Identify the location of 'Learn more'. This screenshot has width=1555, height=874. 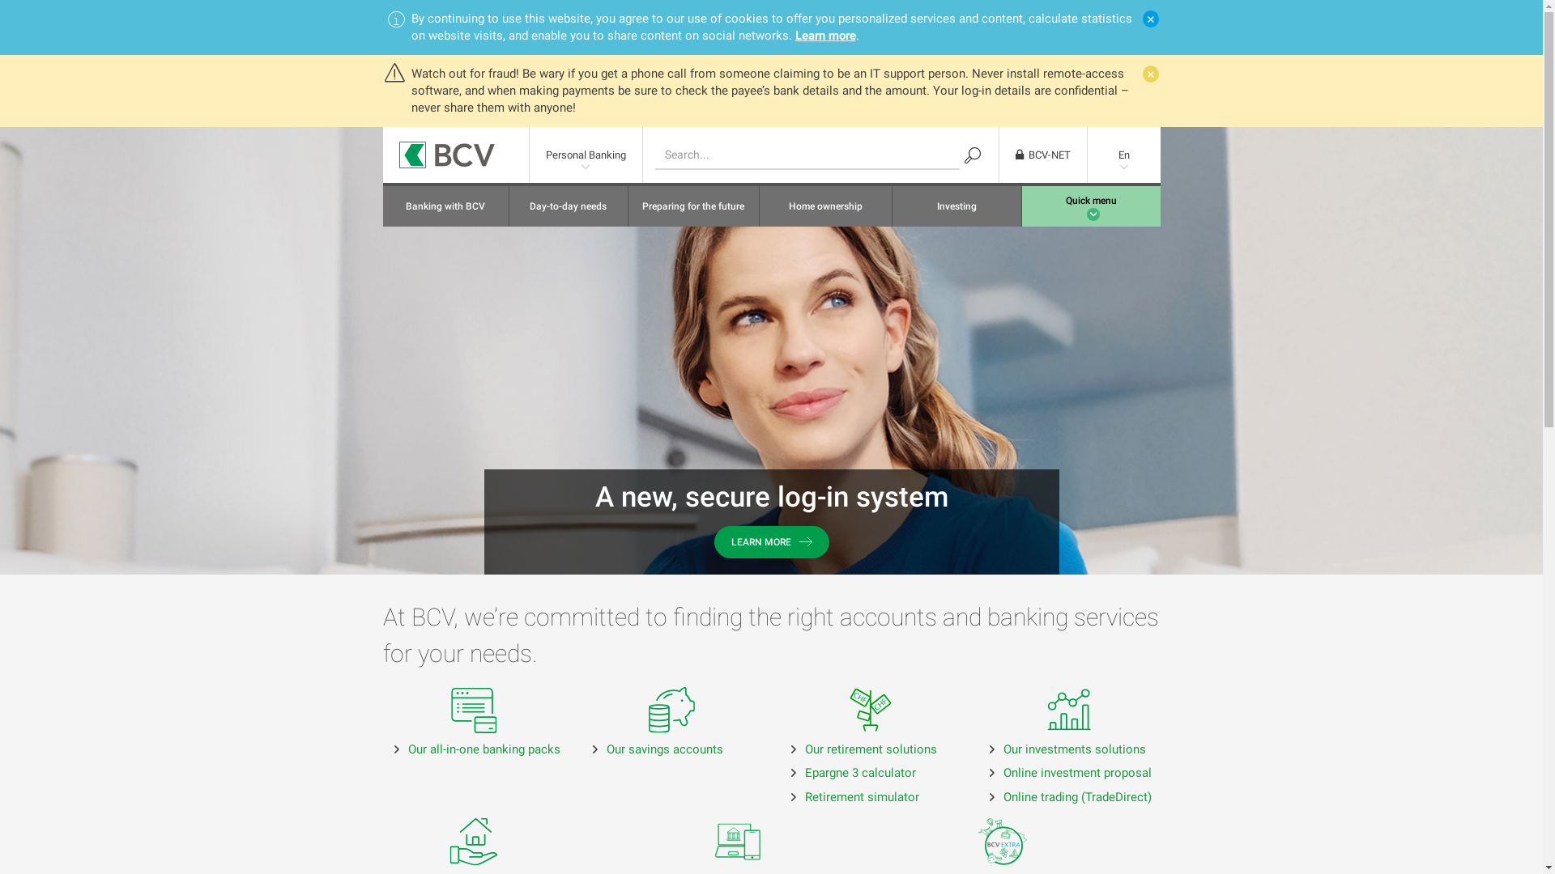
(825, 35).